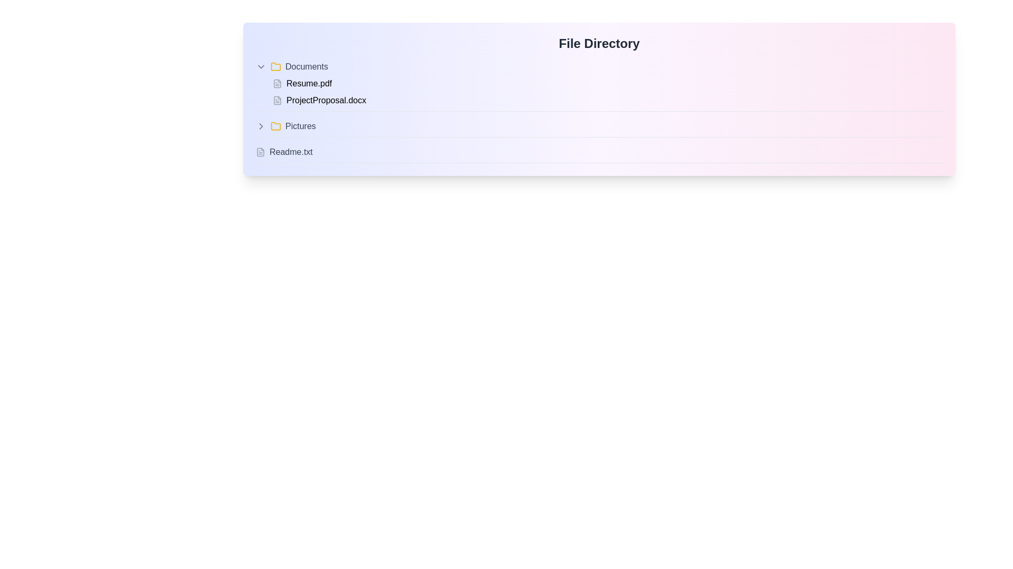  I want to click on the icon that visually indicates the file type or category associated with 'Resume.pdf', located in the 'Documents' folder section, positioned to the left of the file name label, so click(278, 83).